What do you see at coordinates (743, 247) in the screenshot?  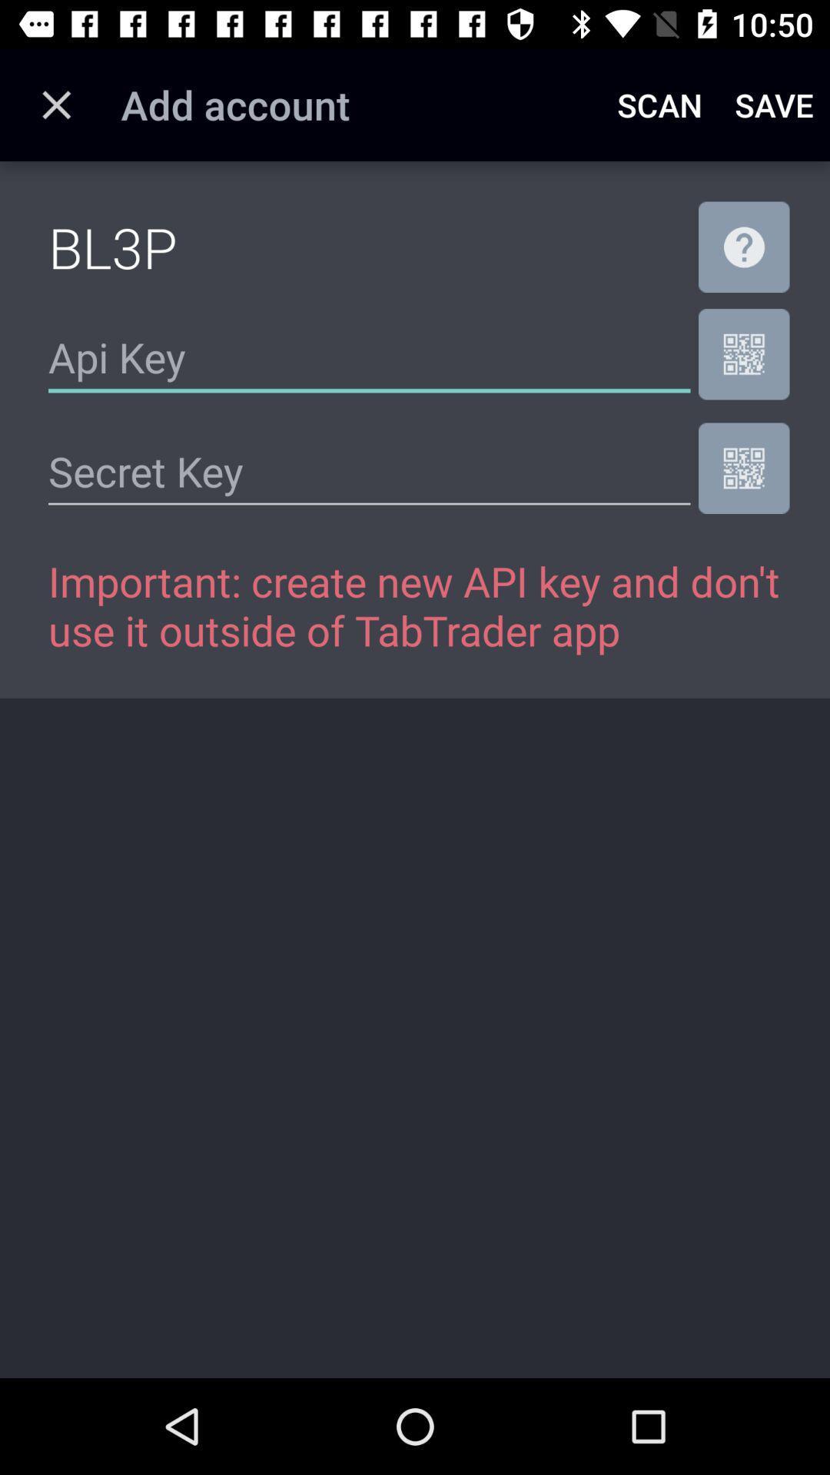 I see `icon next to bl3p item` at bounding box center [743, 247].